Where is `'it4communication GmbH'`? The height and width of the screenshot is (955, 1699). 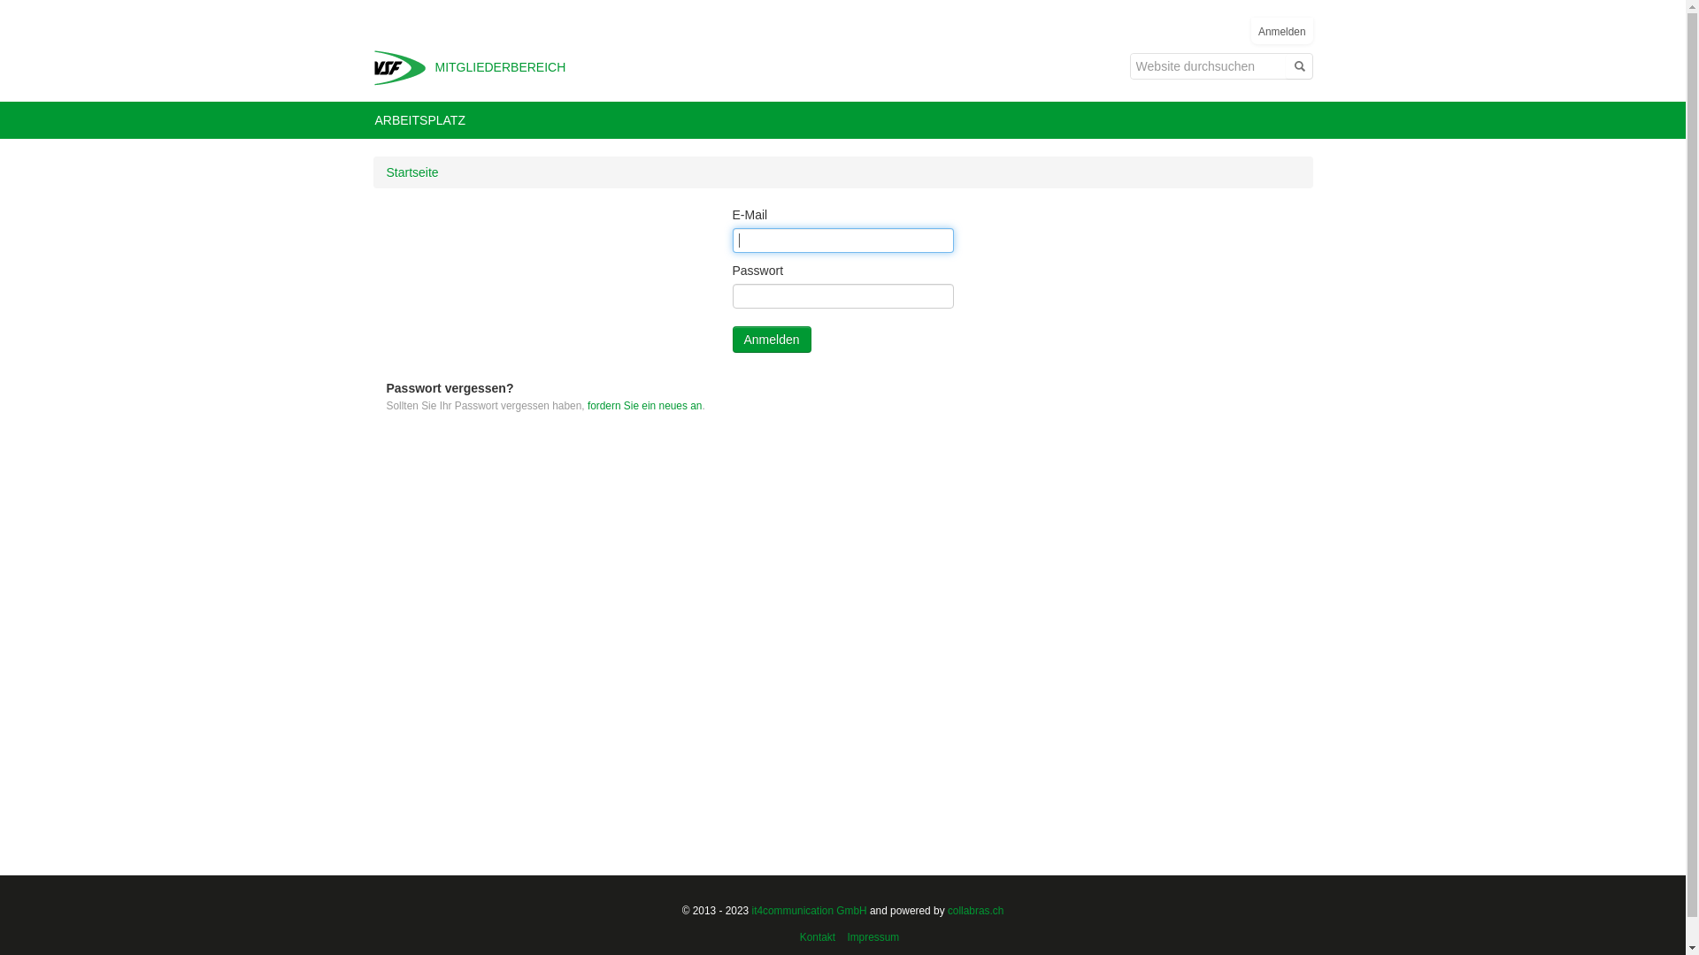
'it4communication GmbH' is located at coordinates (807, 910).